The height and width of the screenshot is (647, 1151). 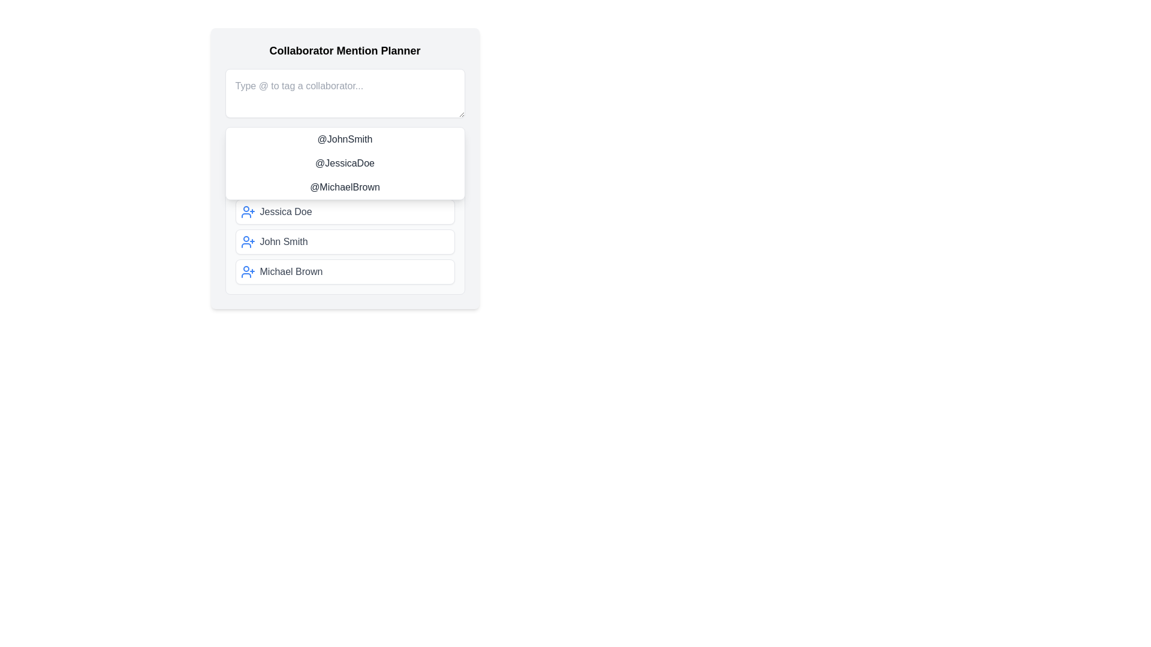 What do you see at coordinates (283, 242) in the screenshot?
I see `the text label displaying 'John Smith' which is located to the right of a user icon in a vertically aligned list` at bounding box center [283, 242].